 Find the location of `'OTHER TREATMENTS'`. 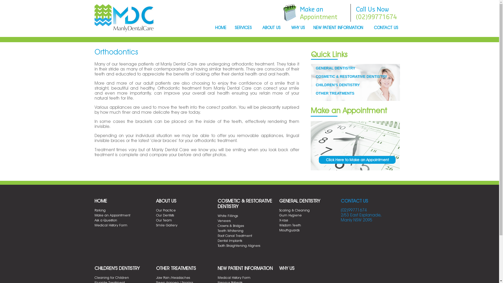

'OTHER TREATMENTS' is located at coordinates (176, 268).